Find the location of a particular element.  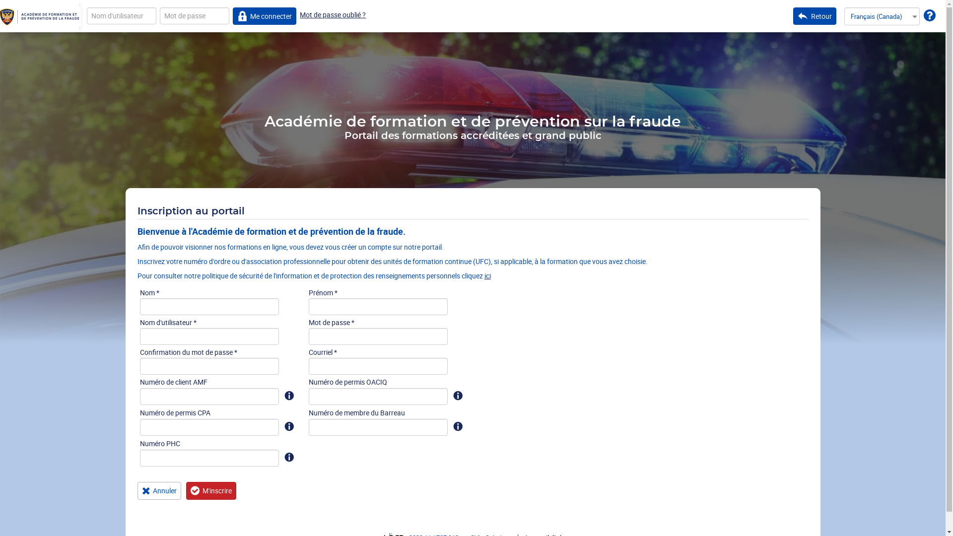

'ici' is located at coordinates (487, 275).